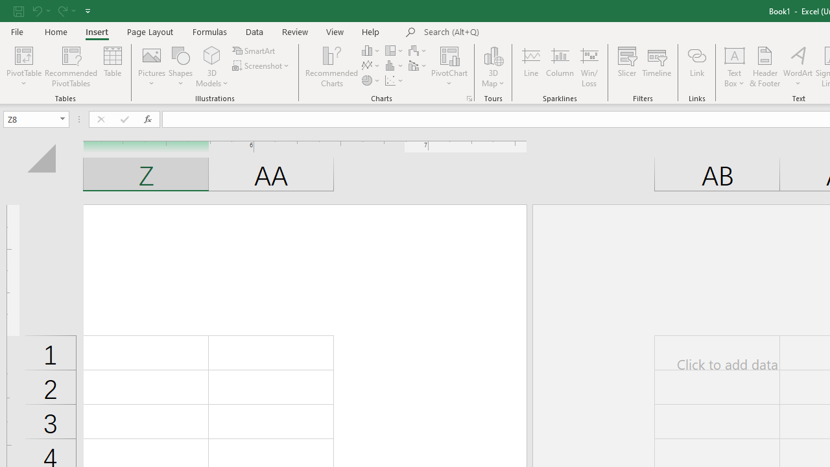 The image size is (830, 467). What do you see at coordinates (113, 67) in the screenshot?
I see `'Table'` at bounding box center [113, 67].